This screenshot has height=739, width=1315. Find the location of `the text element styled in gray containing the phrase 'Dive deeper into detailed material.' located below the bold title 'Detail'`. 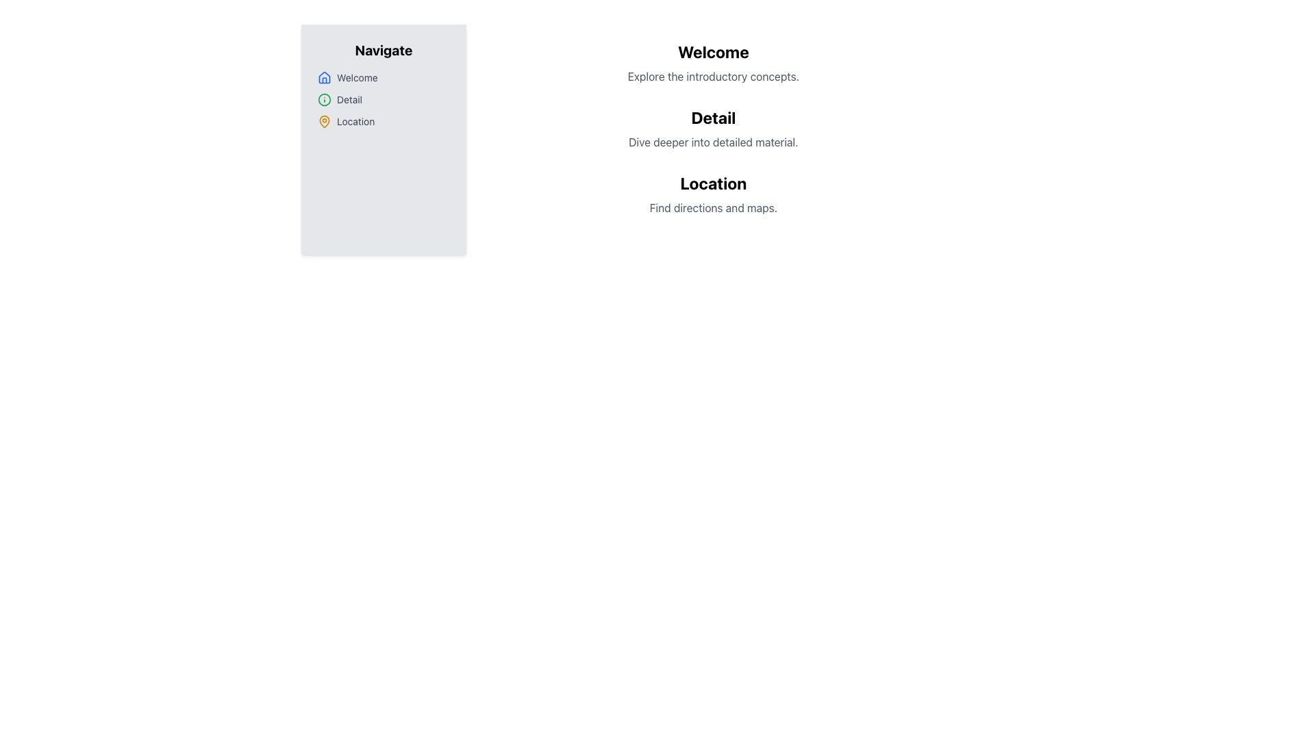

the text element styled in gray containing the phrase 'Dive deeper into detailed material.' located below the bold title 'Detail' is located at coordinates (712, 142).